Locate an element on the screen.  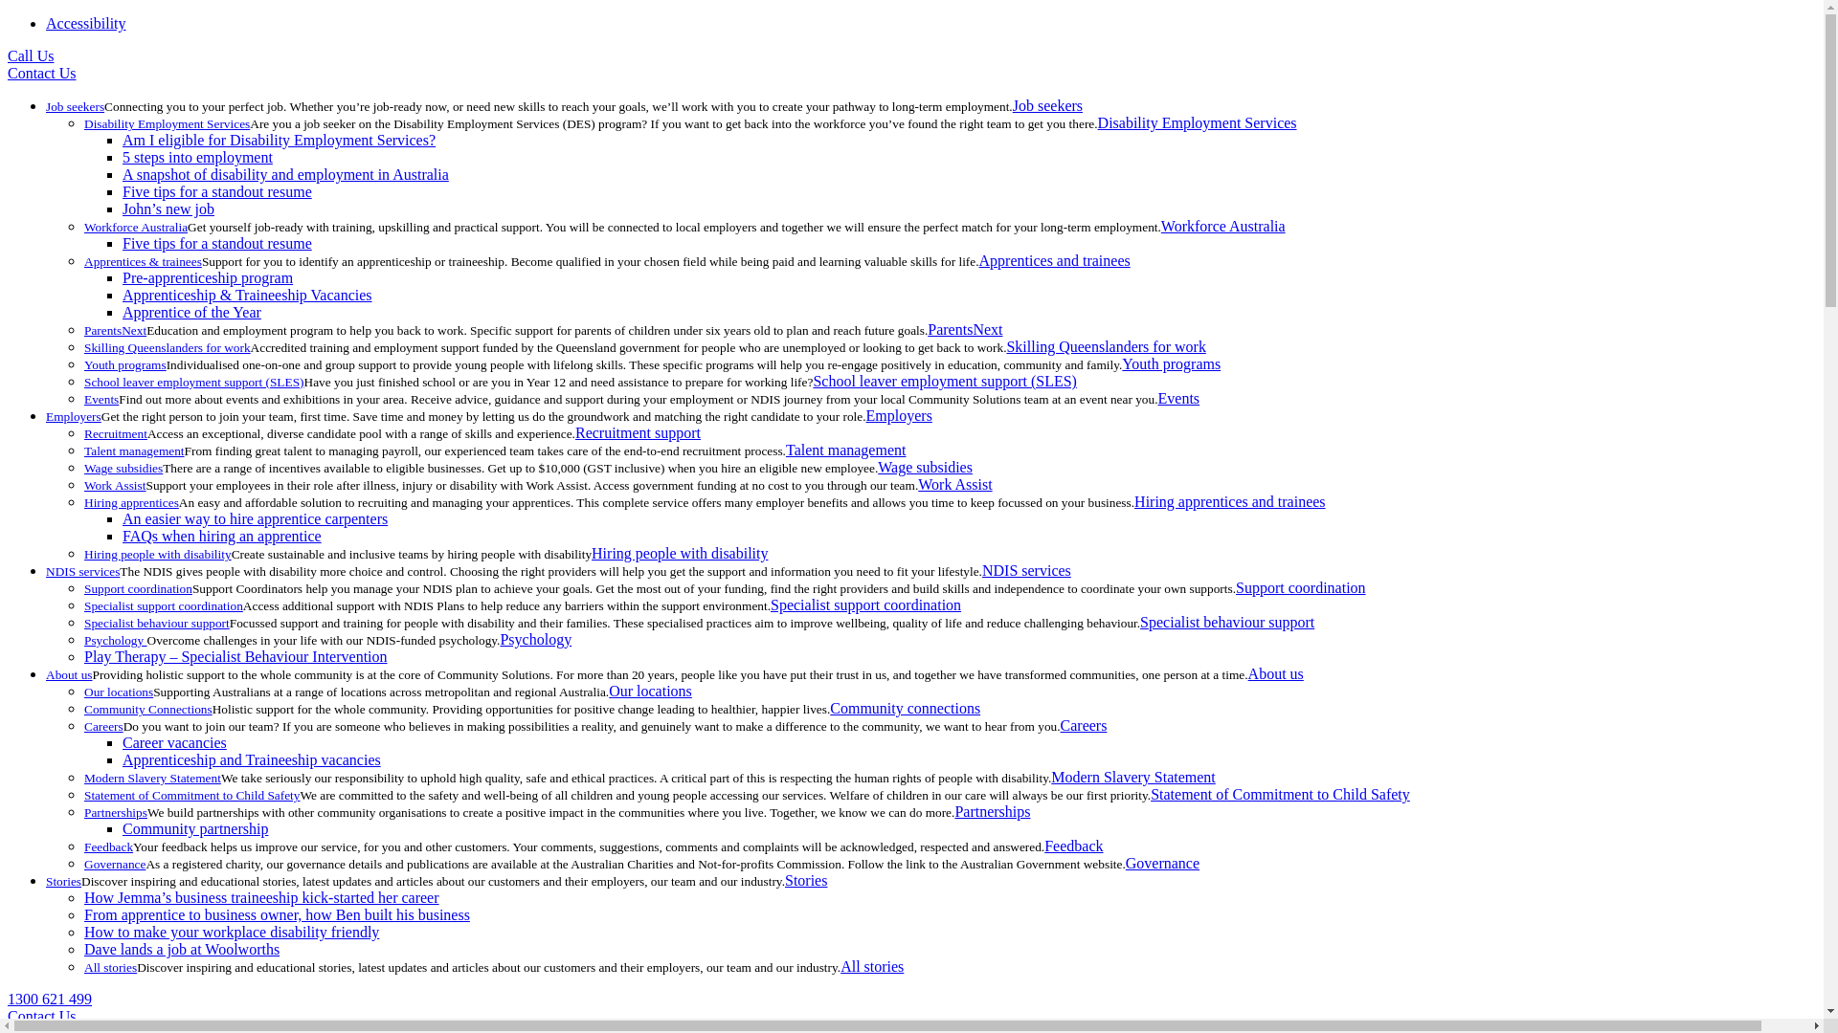
'Recruitment' is located at coordinates (114, 433).